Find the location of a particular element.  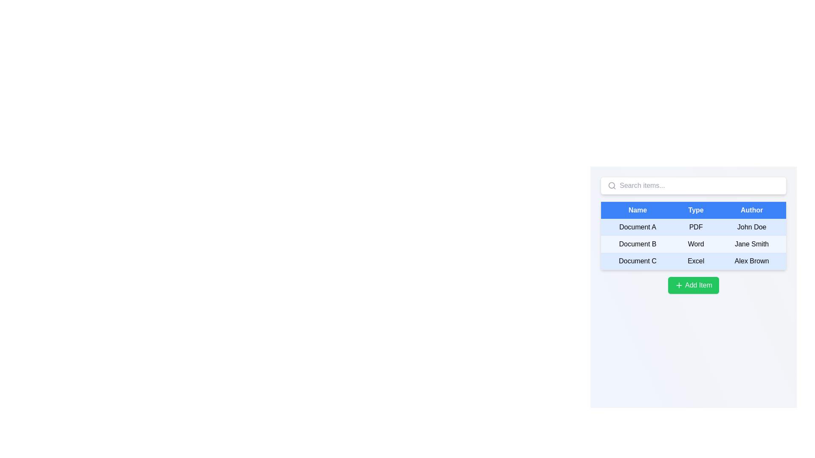

text label displaying the word 'Word' located in the second row, second column of the data table, which has a light blue background and is centered in its cell is located at coordinates (696, 244).